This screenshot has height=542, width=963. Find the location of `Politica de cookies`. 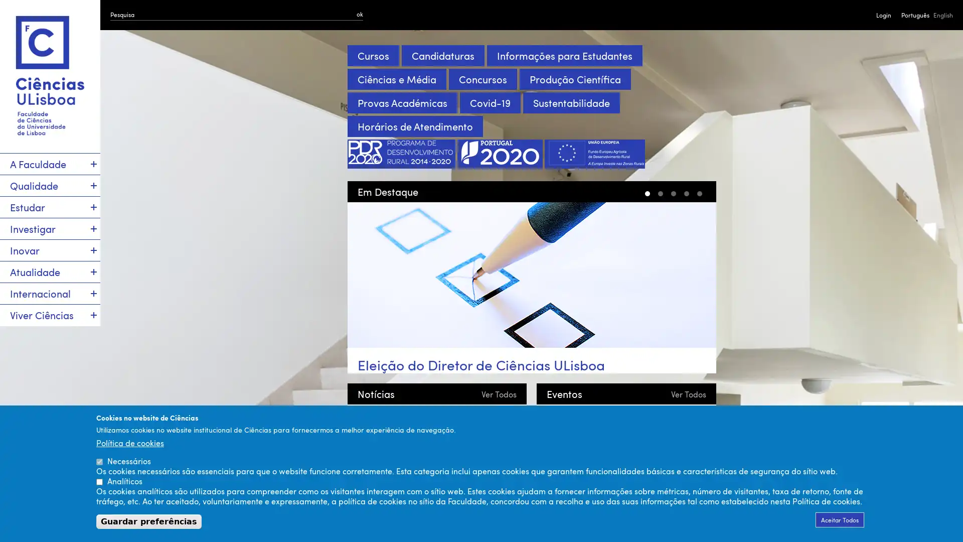

Politica de cookies is located at coordinates (129, 442).